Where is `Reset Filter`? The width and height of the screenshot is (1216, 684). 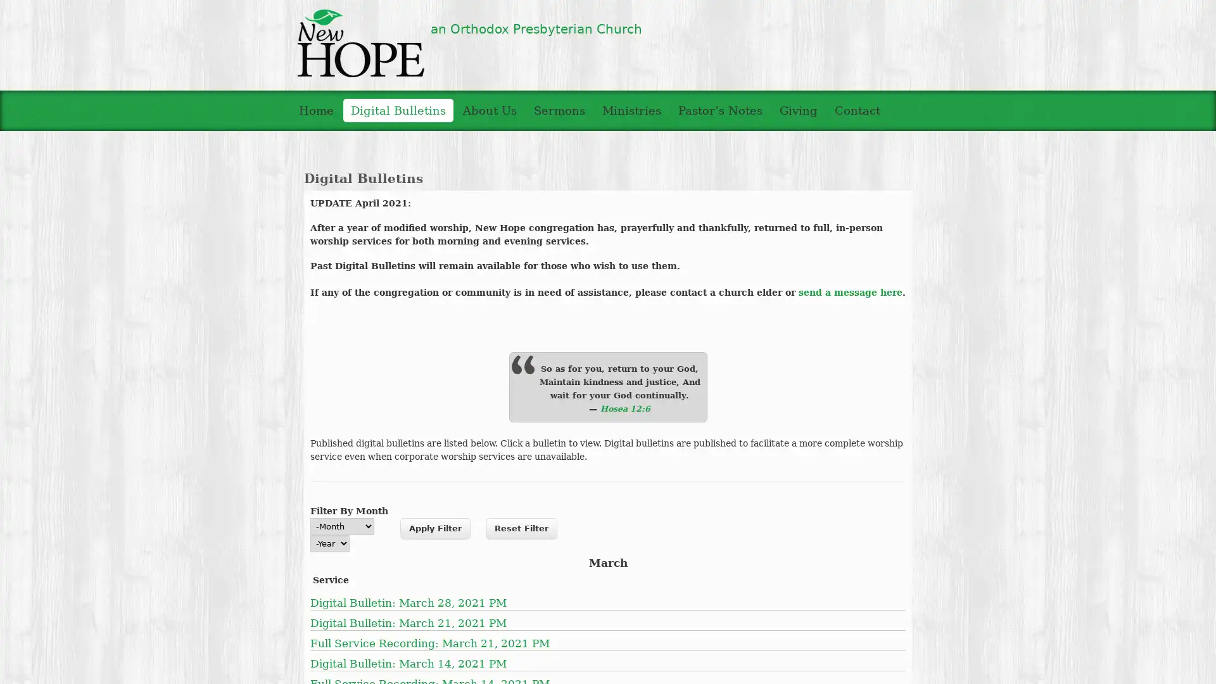
Reset Filter is located at coordinates (521, 528).